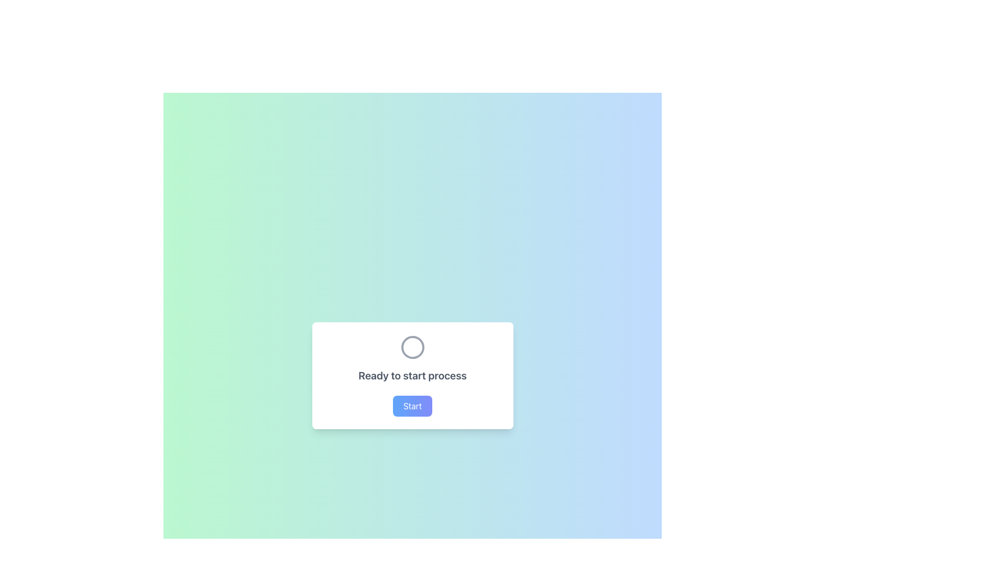 This screenshot has height=566, width=1006. Describe the element at coordinates (412, 406) in the screenshot. I see `the button labeled 'Ready to start process' located centrally at the bottom of the white rectangular card to observe the hover effect` at that location.